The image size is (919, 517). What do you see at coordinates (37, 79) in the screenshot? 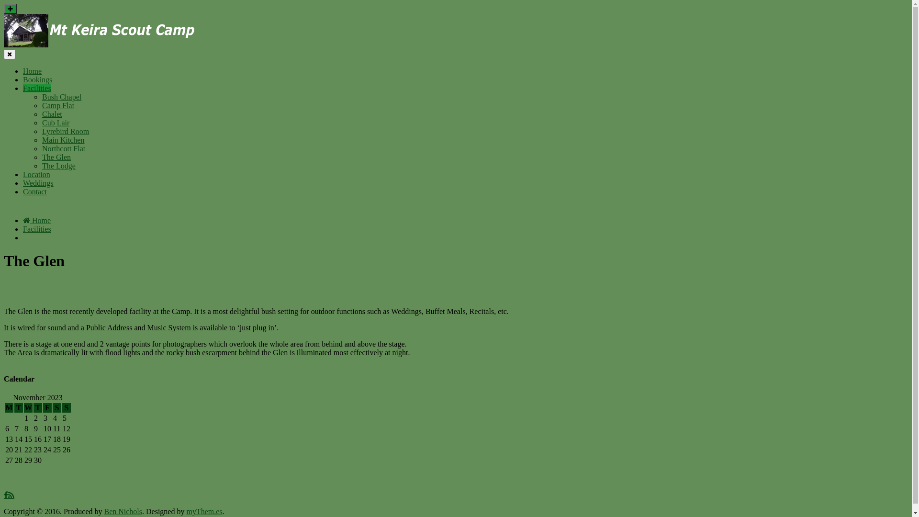
I see `'Bookings'` at bounding box center [37, 79].